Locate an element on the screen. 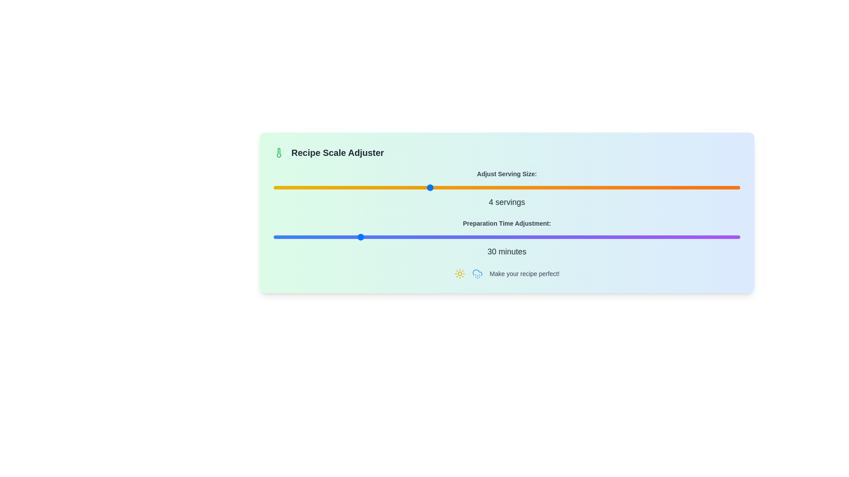 Image resolution: width=849 pixels, height=477 pixels. the serving size is located at coordinates (532, 187).